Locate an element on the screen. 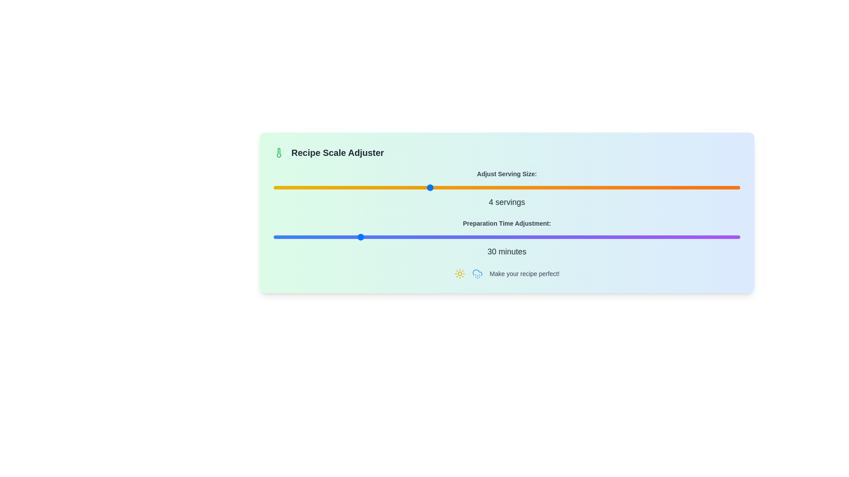 Image resolution: width=849 pixels, height=477 pixels. the serving size is located at coordinates (532, 187).